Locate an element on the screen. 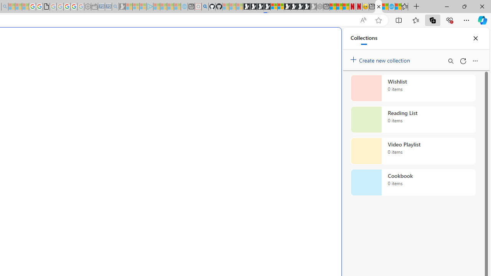  'Tabs you' is located at coordinates (106, 102).